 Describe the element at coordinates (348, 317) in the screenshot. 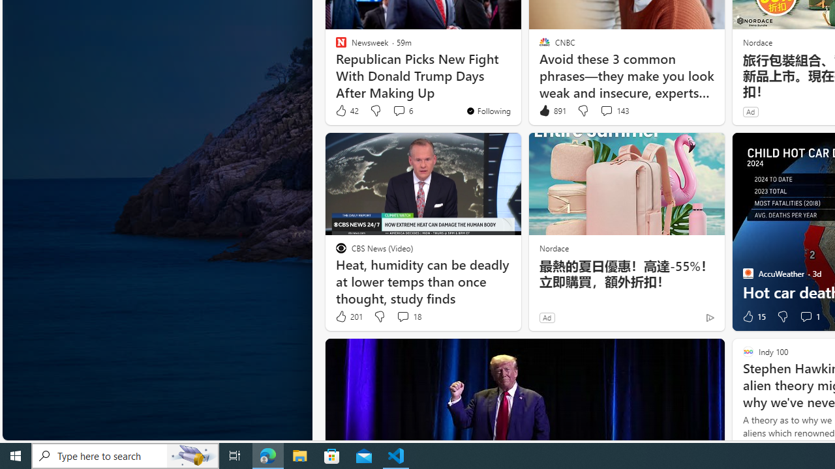

I see `'201 Like'` at that location.